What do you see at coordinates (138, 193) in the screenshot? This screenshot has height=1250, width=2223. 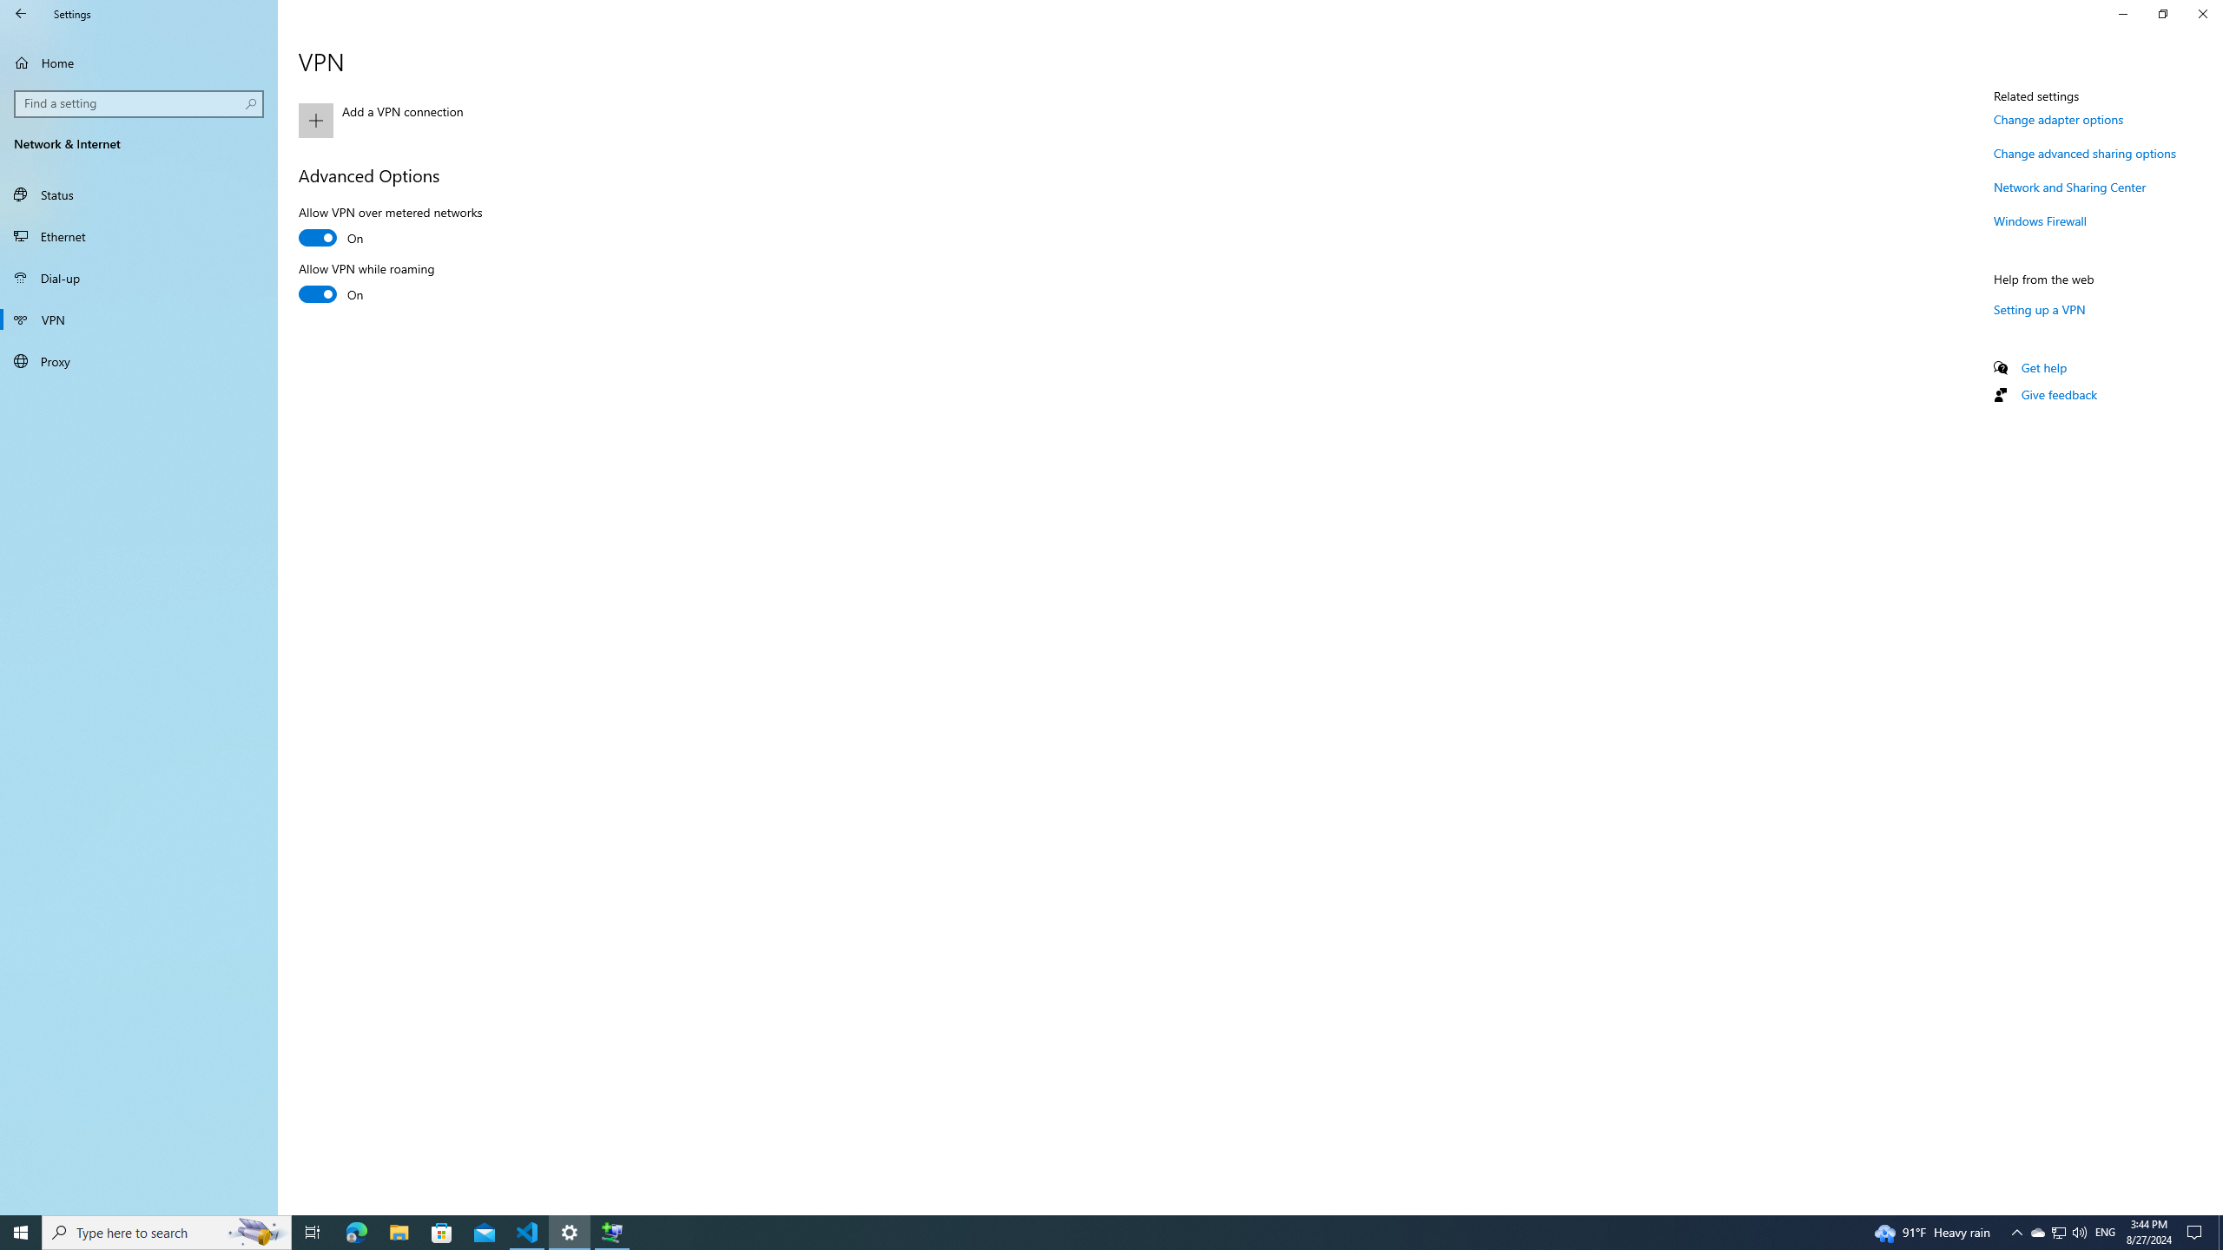 I see `'Status'` at bounding box center [138, 193].